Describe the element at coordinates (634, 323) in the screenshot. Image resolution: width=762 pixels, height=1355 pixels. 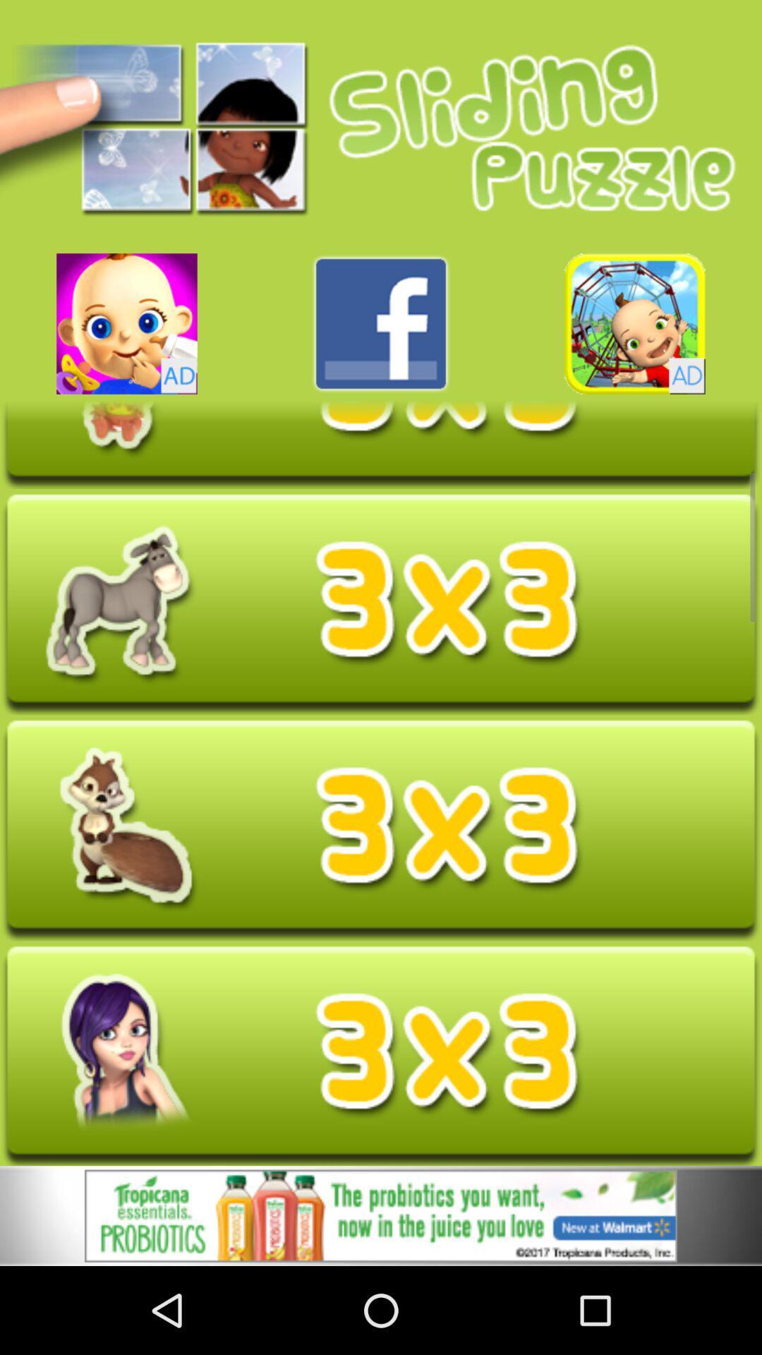
I see `banner advertisement` at that location.